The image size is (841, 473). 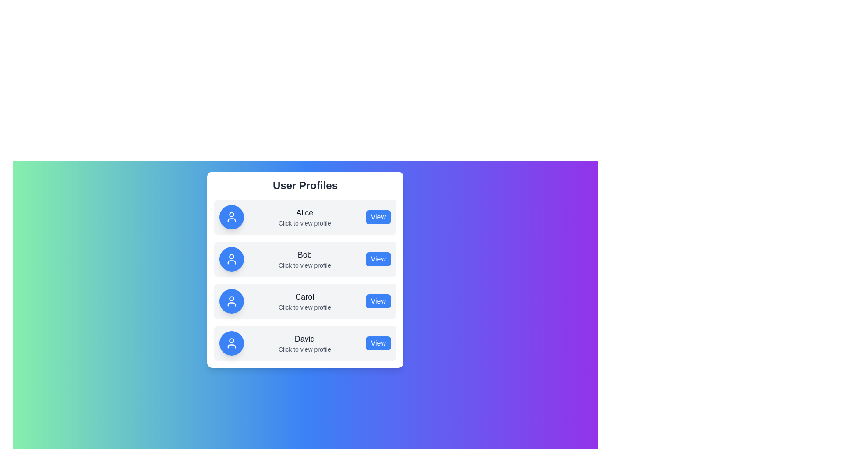 What do you see at coordinates (231, 300) in the screenshot?
I see `the user icon representing 'Carol' in the user profile list to indicate profile selection` at bounding box center [231, 300].